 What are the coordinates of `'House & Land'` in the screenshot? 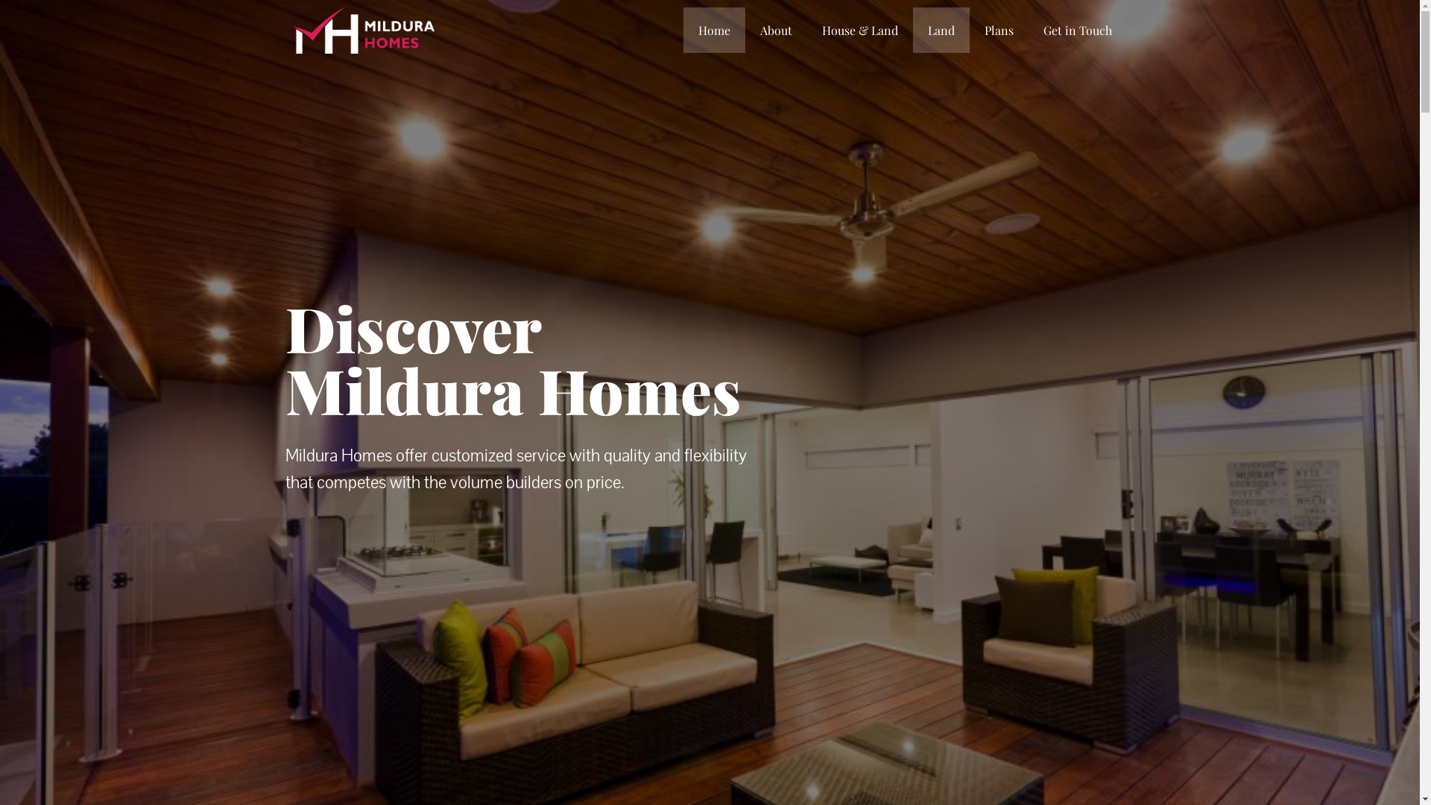 It's located at (859, 30).